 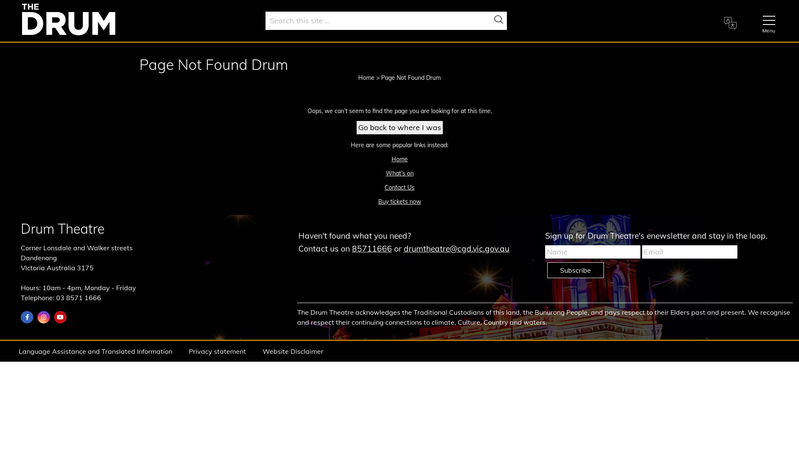 I want to click on 'Home', so click(x=366, y=77).